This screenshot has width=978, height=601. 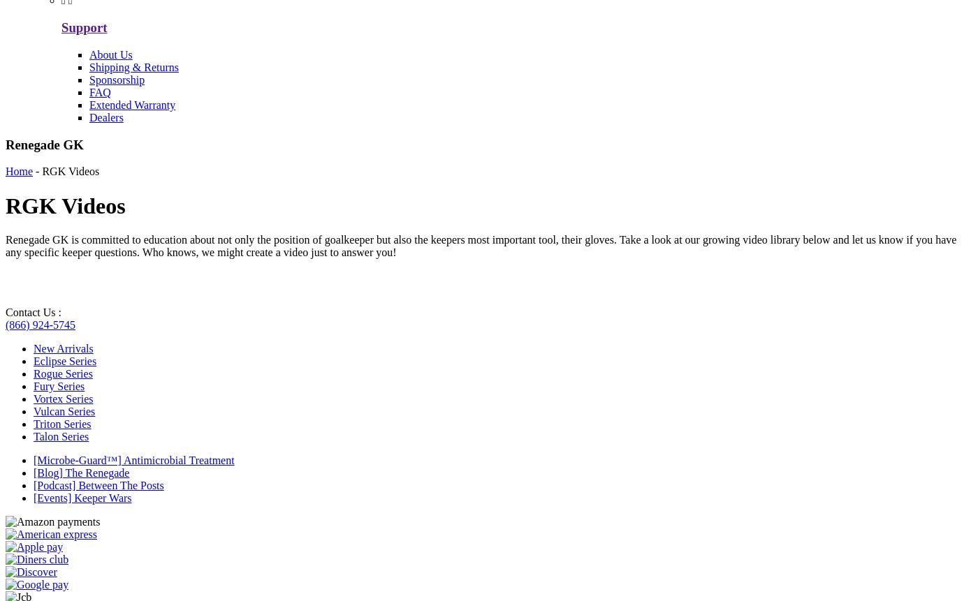 What do you see at coordinates (117, 78) in the screenshot?
I see `'Sponsorship'` at bounding box center [117, 78].